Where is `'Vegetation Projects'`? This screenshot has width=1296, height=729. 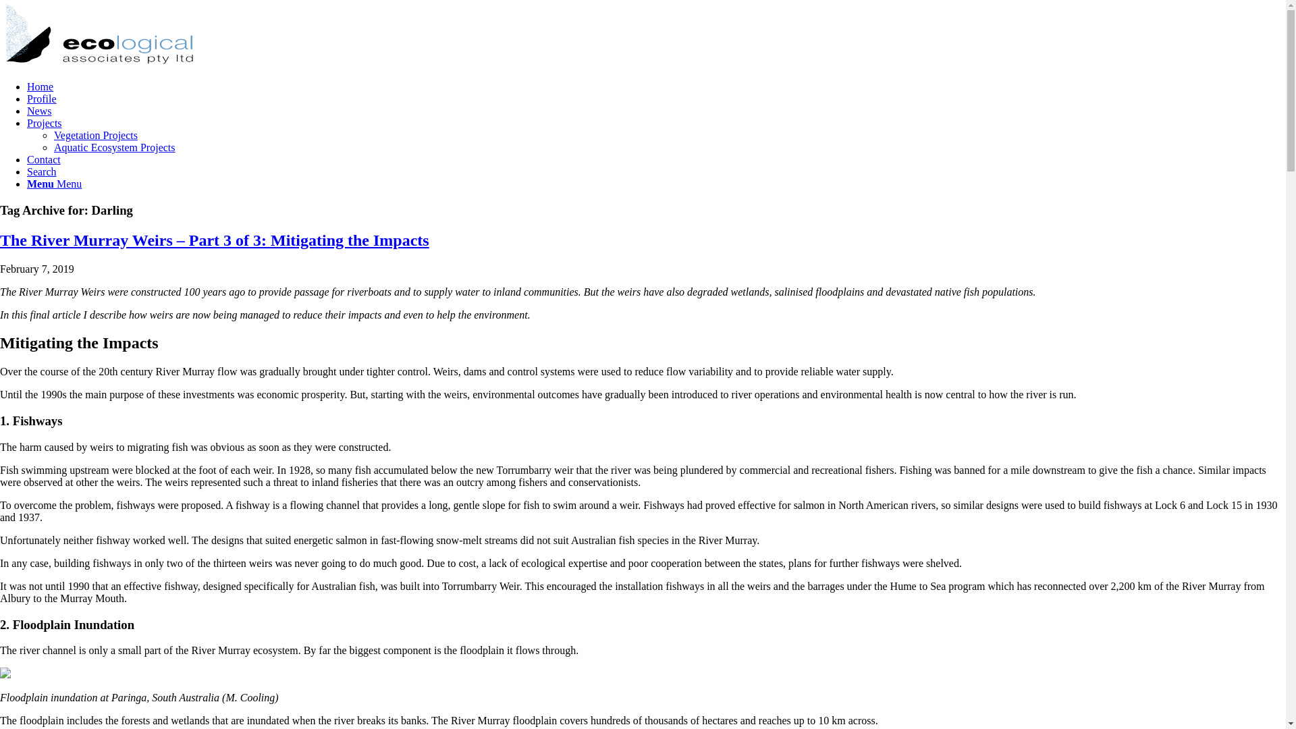
'Vegetation Projects' is located at coordinates (95, 135).